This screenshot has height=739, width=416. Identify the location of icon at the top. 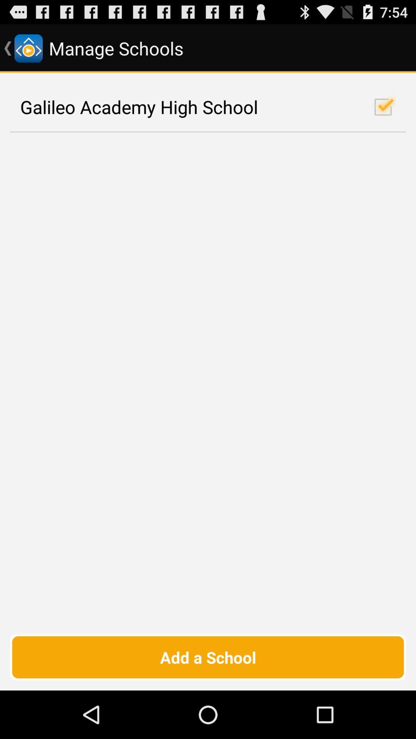
(208, 107).